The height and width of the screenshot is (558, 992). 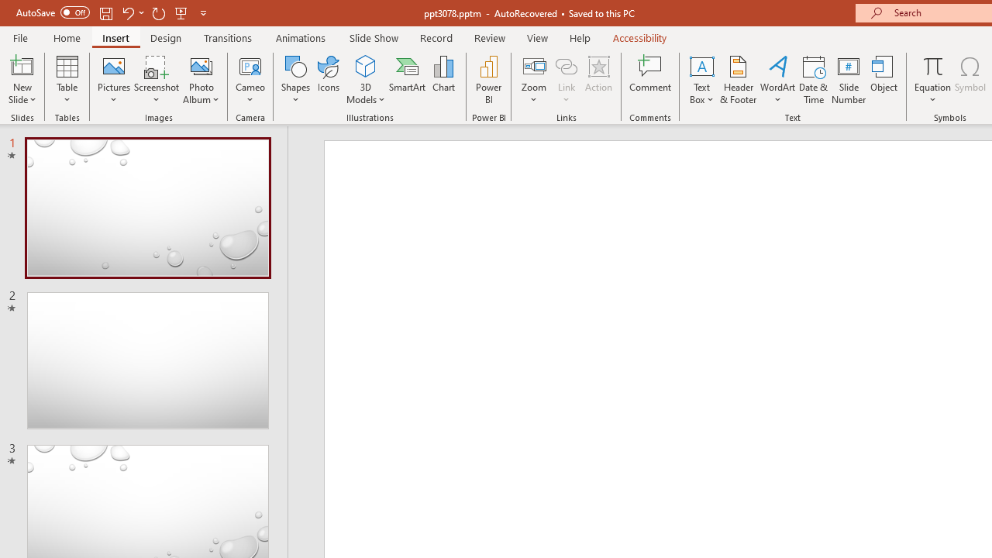 I want to click on 'Screenshot', so click(x=157, y=80).